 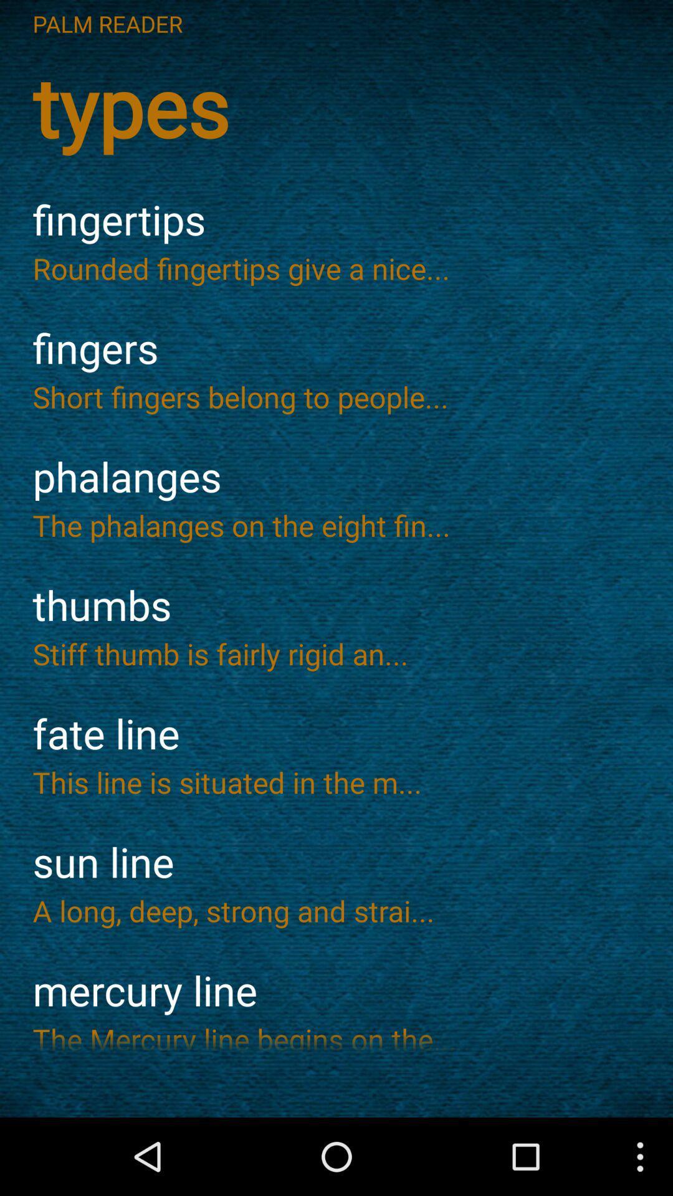 What do you see at coordinates (336, 653) in the screenshot?
I see `the app above fate line item` at bounding box center [336, 653].